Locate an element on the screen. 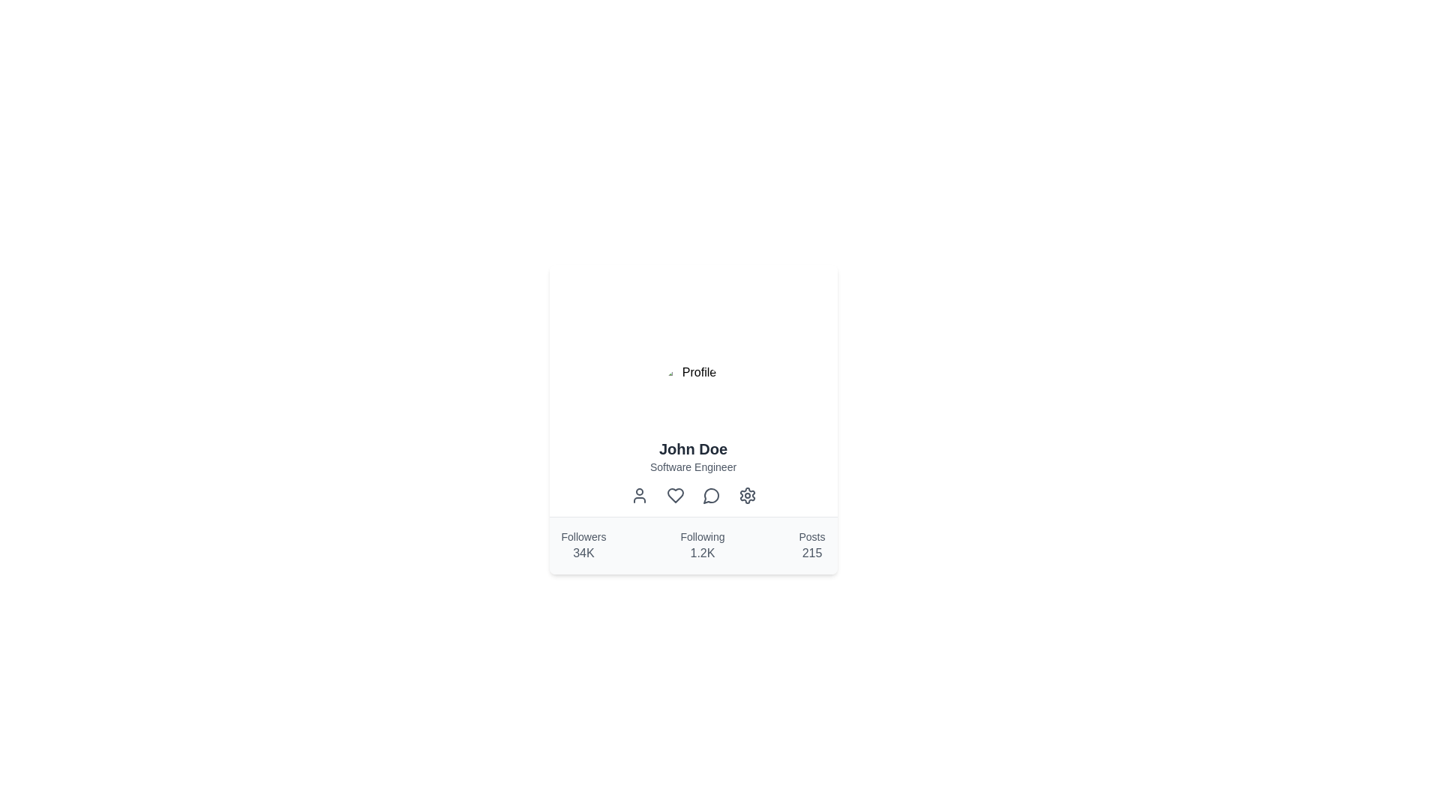  the user profile icon button, which is the first interactive icon in the row of icons below the user information section, to change its color is located at coordinates (639, 495).